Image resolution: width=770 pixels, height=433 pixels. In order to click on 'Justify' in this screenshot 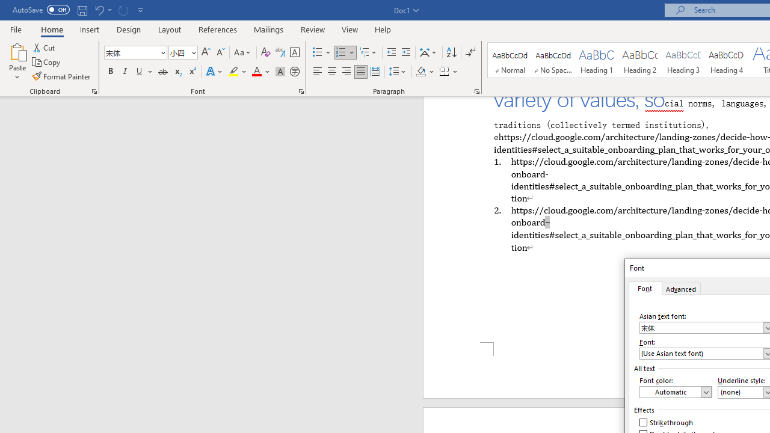, I will do `click(360, 72)`.